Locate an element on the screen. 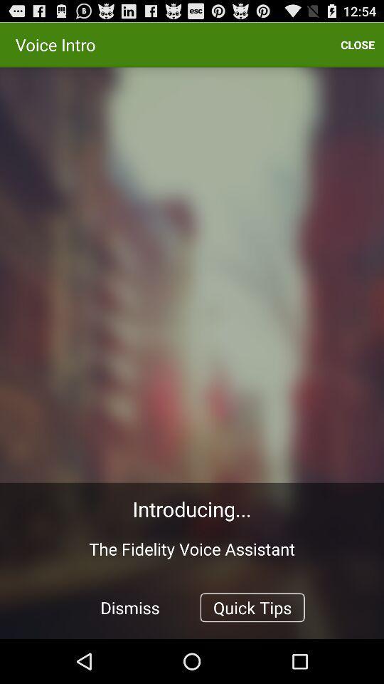  item to the right of dismiss button is located at coordinates (252, 606).